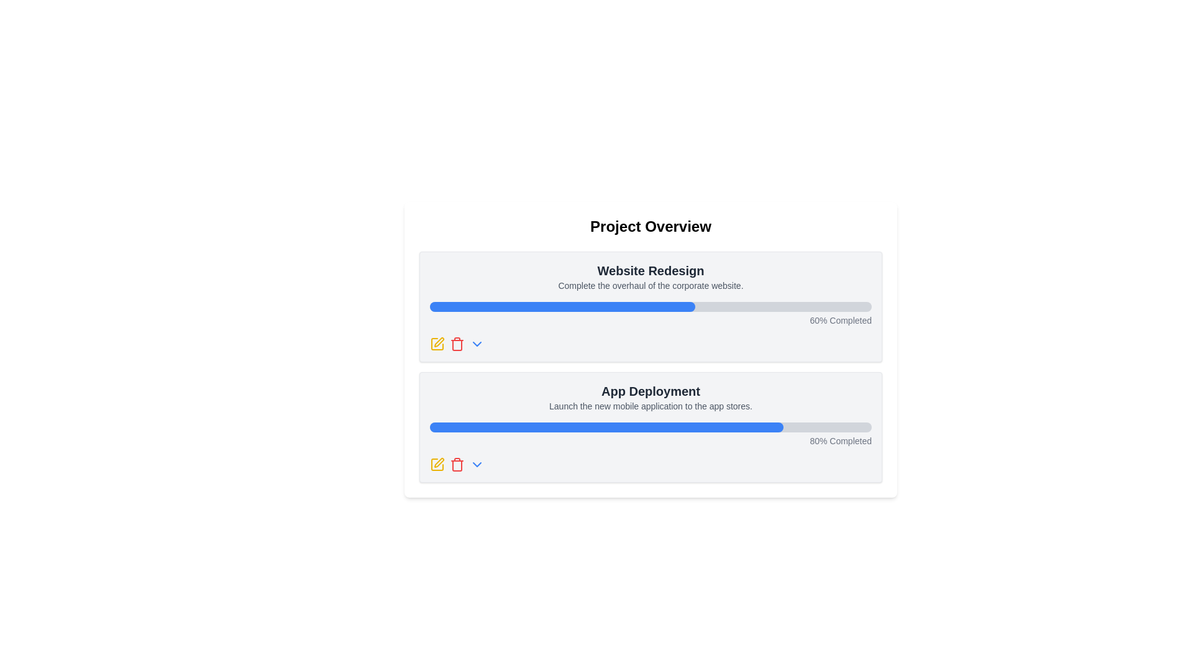  I want to click on the yellow graphical icon located in the lower-left corner of the 'App Deployment' card, which is part of a set of interactive icons, so click(437, 465).